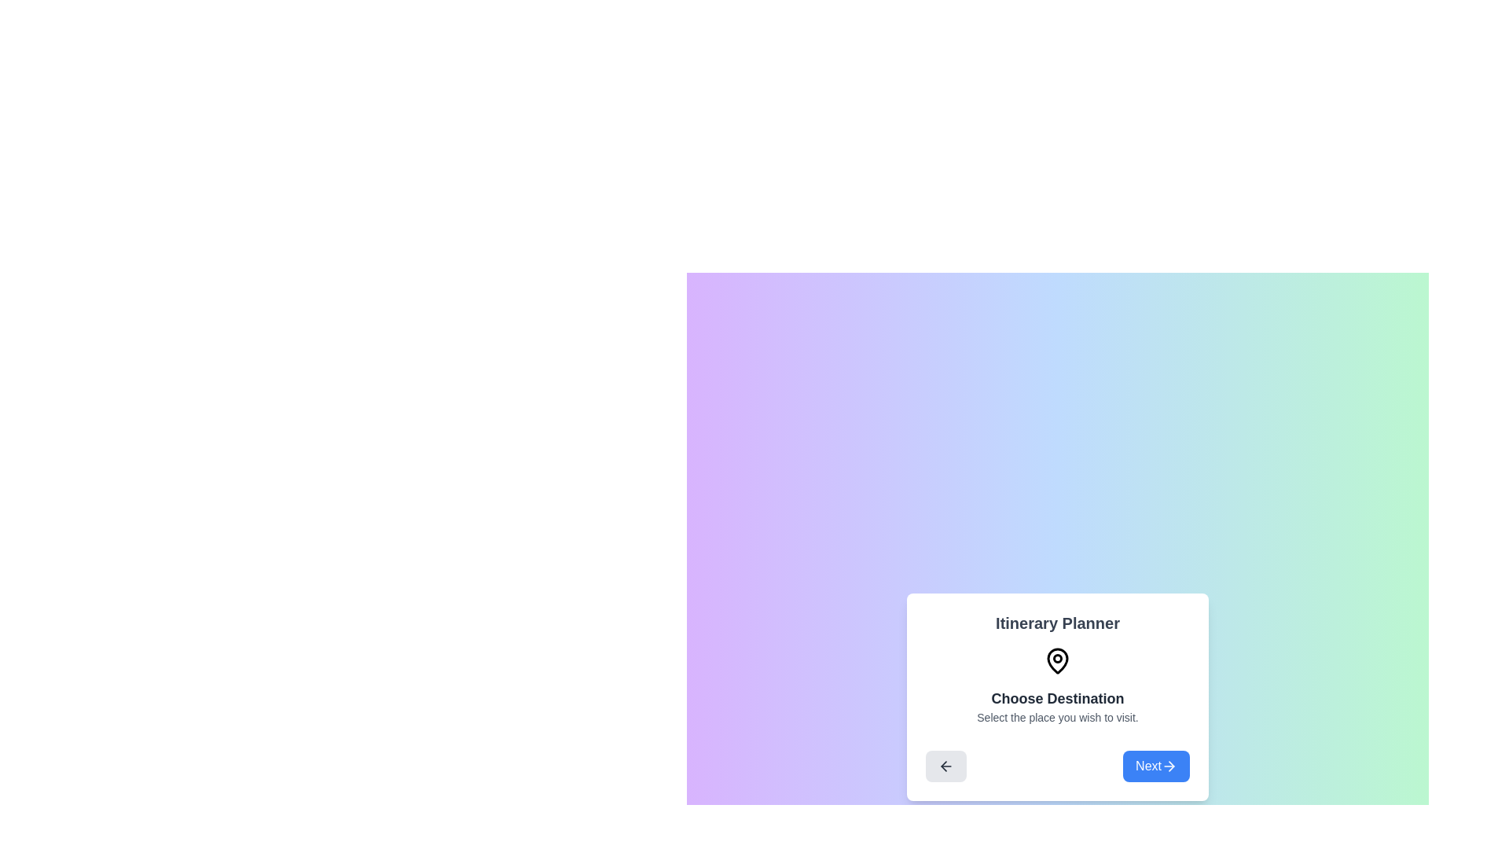  I want to click on bold, black textual header that reads 'Choose Destination' which is prominently displayed below a map icon and above a smaller explanatory text, so click(1057, 697).